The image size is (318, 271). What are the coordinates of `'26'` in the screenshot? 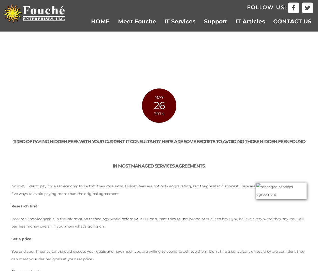 It's located at (158, 105).